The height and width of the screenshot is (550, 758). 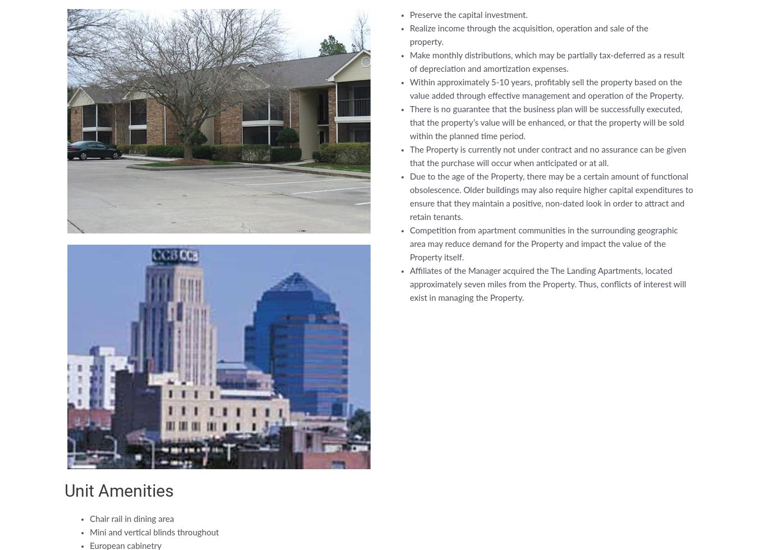 What do you see at coordinates (547, 285) in the screenshot?
I see `'Affiliates of the Manager acquired the The Landing Apartments, located approximately seven miles from the Property. Thus, conflicts of interest will exist in managing the Property.'` at bounding box center [547, 285].